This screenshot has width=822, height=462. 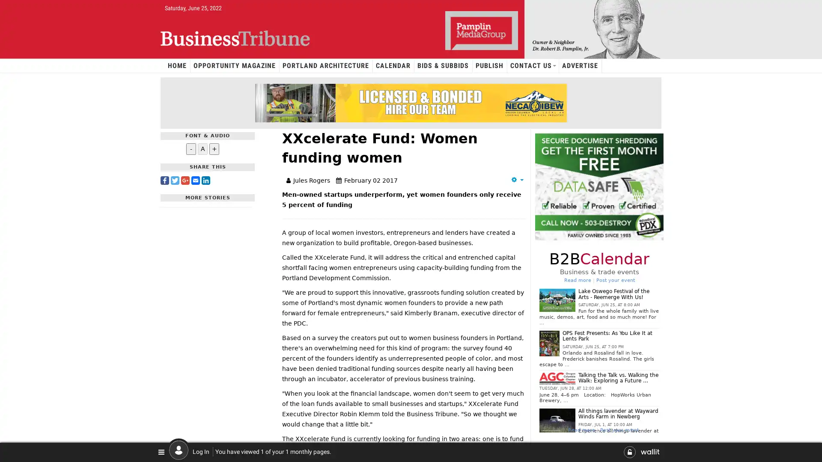 What do you see at coordinates (191, 148) in the screenshot?
I see `-` at bounding box center [191, 148].